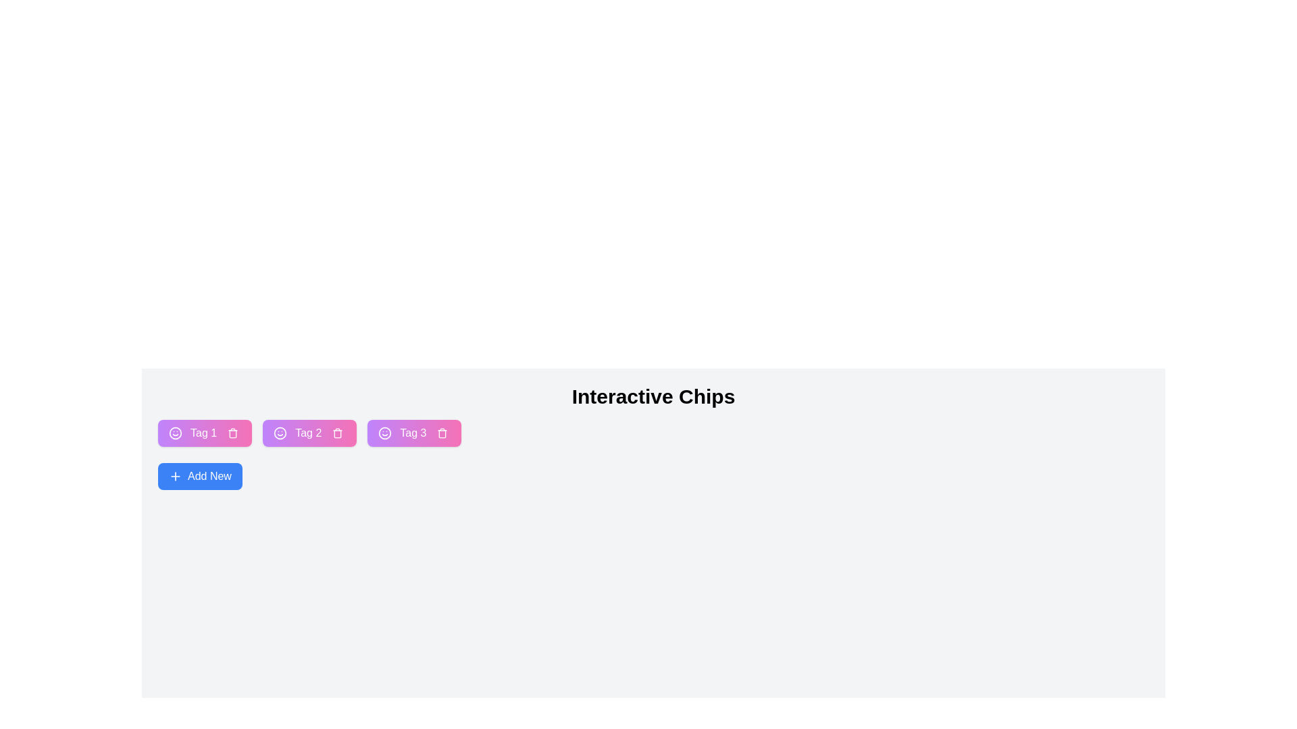 This screenshot has height=729, width=1297. I want to click on the 'Add New' button to add a new chip, so click(199, 475).